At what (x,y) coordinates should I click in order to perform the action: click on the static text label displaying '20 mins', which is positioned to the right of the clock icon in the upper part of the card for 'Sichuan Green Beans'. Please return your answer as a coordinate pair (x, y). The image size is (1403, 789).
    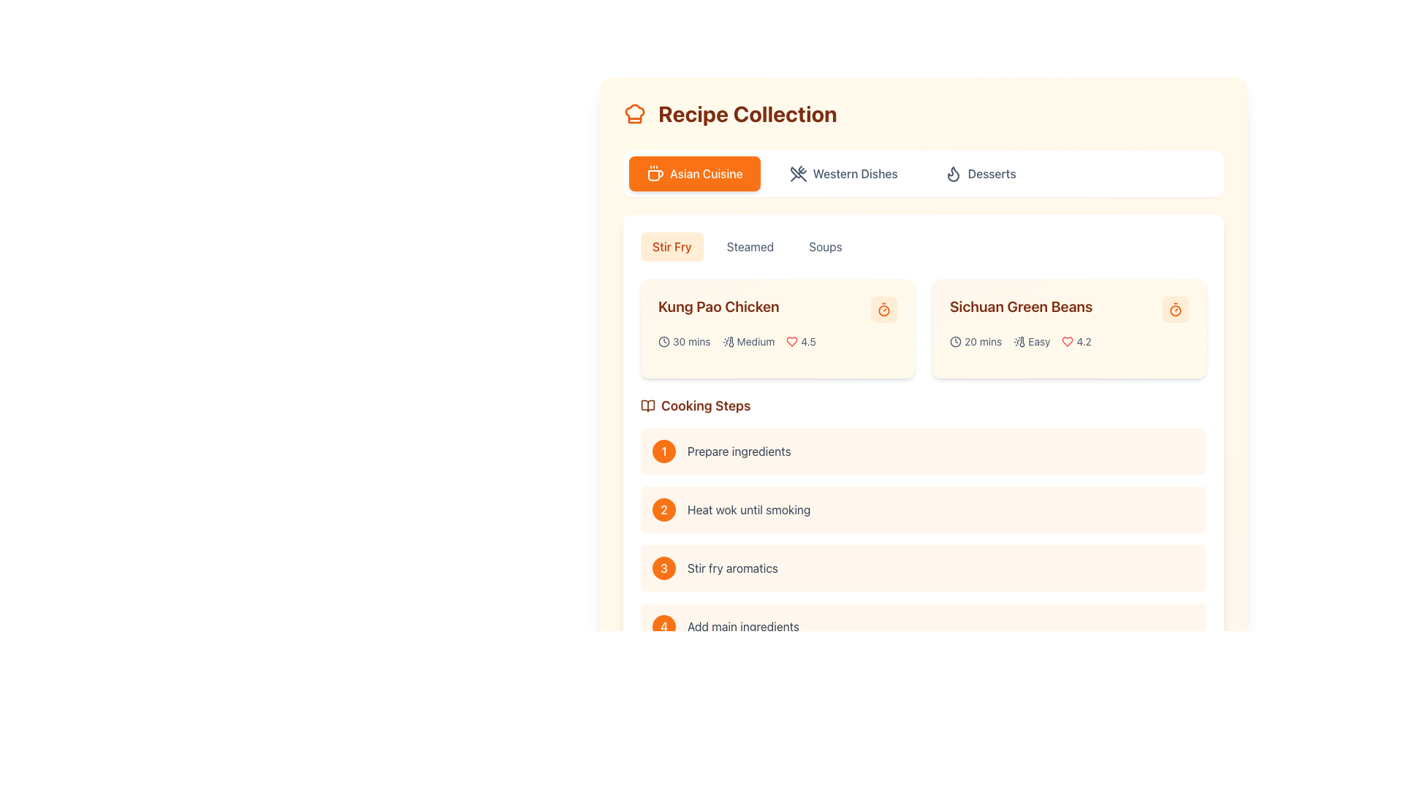
    Looking at the image, I should click on (983, 341).